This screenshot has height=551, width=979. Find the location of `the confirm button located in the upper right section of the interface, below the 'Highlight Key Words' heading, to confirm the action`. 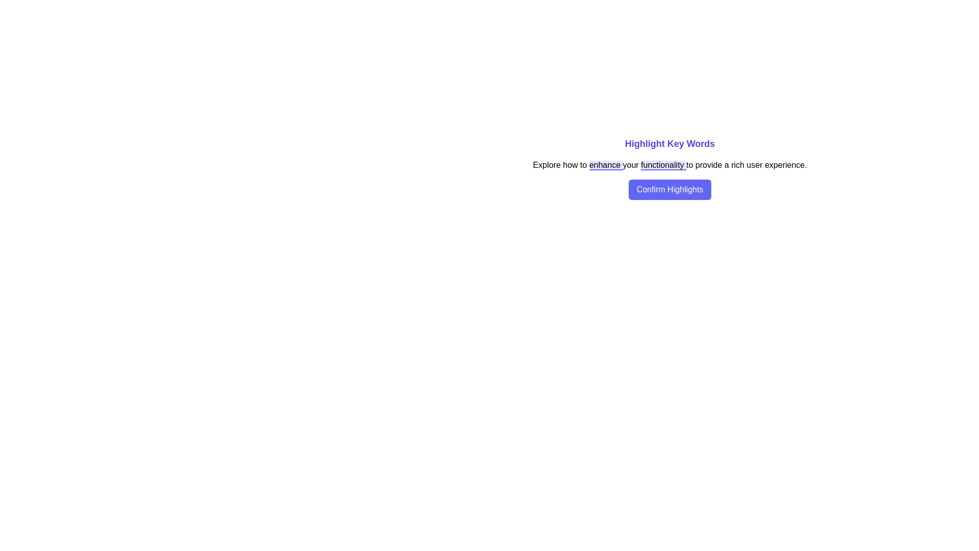

the confirm button located in the upper right section of the interface, below the 'Highlight Key Words' heading, to confirm the action is located at coordinates (670, 189).